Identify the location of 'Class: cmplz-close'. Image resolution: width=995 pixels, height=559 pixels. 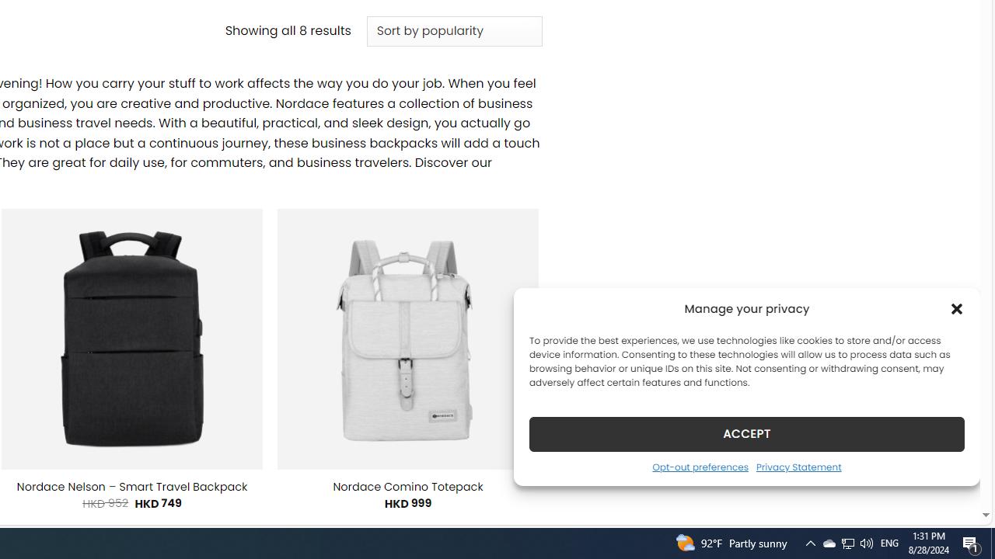
(956, 308).